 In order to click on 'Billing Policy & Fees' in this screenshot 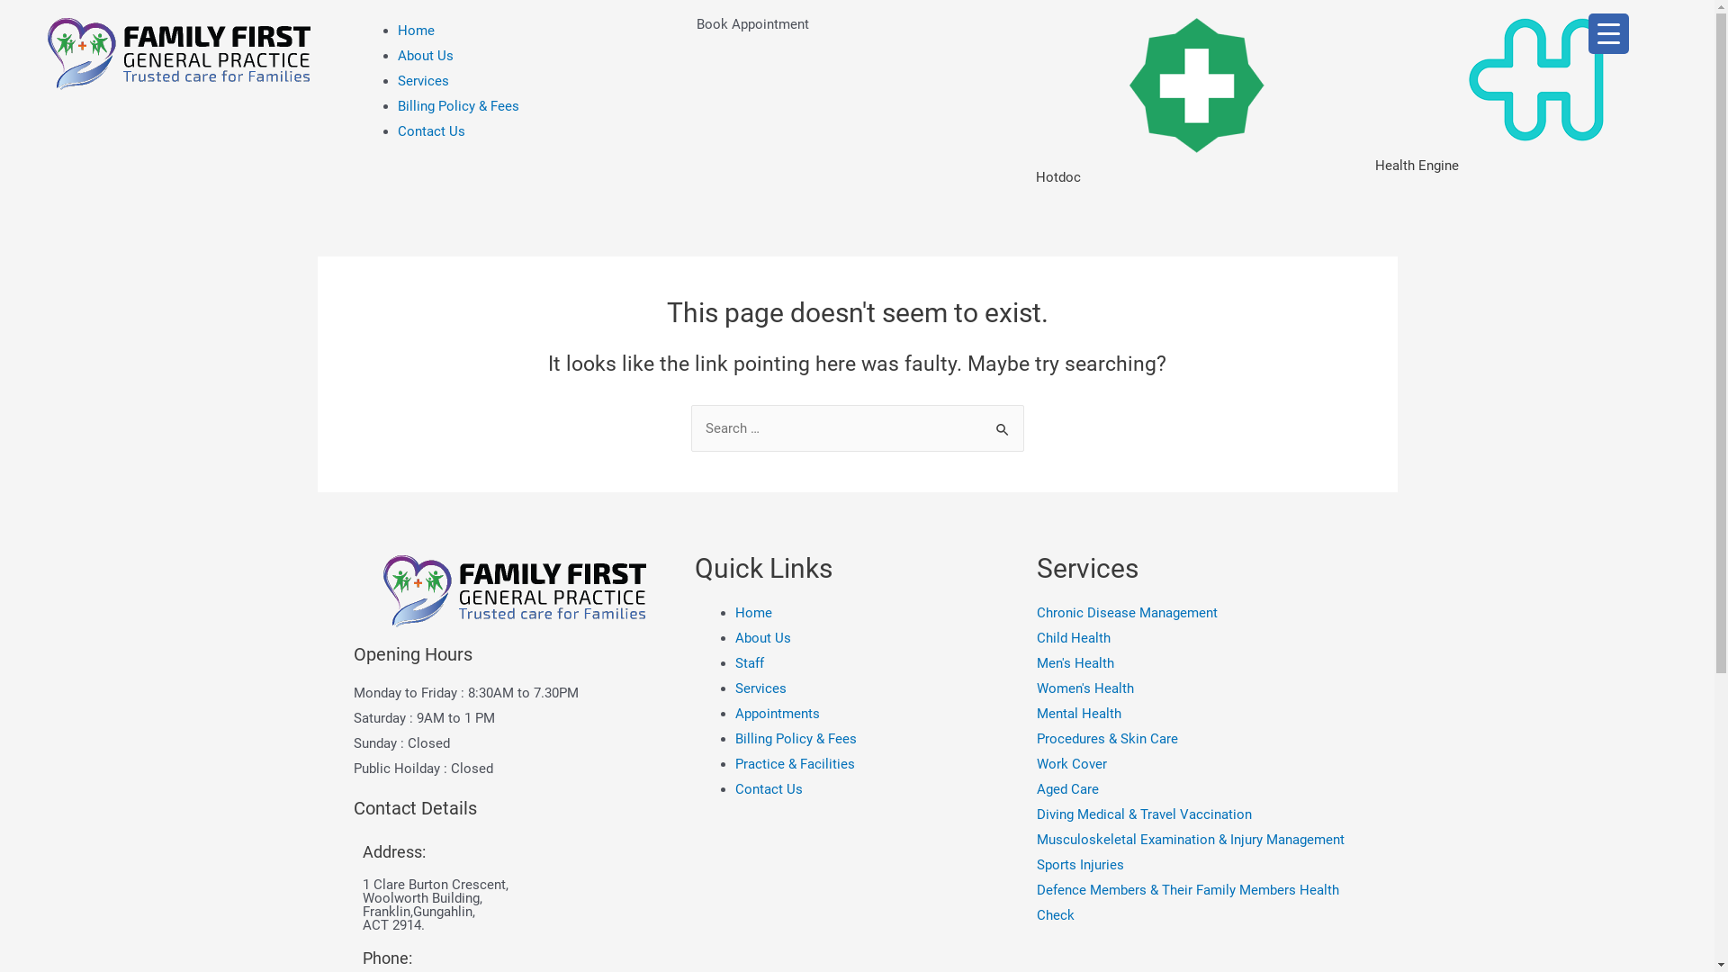, I will do `click(396, 106)`.